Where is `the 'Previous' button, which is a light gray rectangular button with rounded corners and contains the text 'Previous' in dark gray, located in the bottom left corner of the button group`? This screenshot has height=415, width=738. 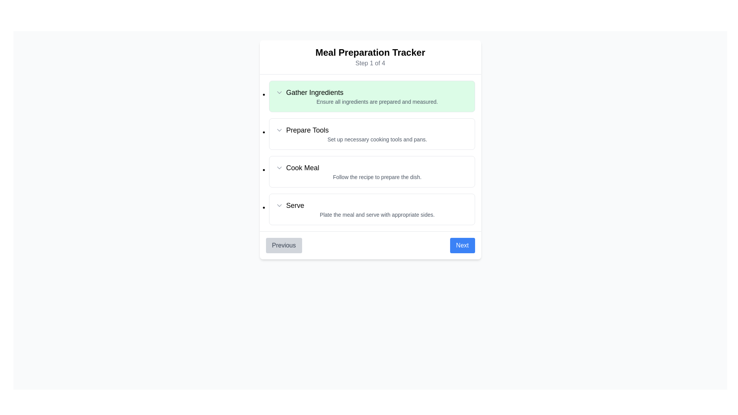
the 'Previous' button, which is a light gray rectangular button with rounded corners and contains the text 'Previous' in dark gray, located in the bottom left corner of the button group is located at coordinates (283, 246).